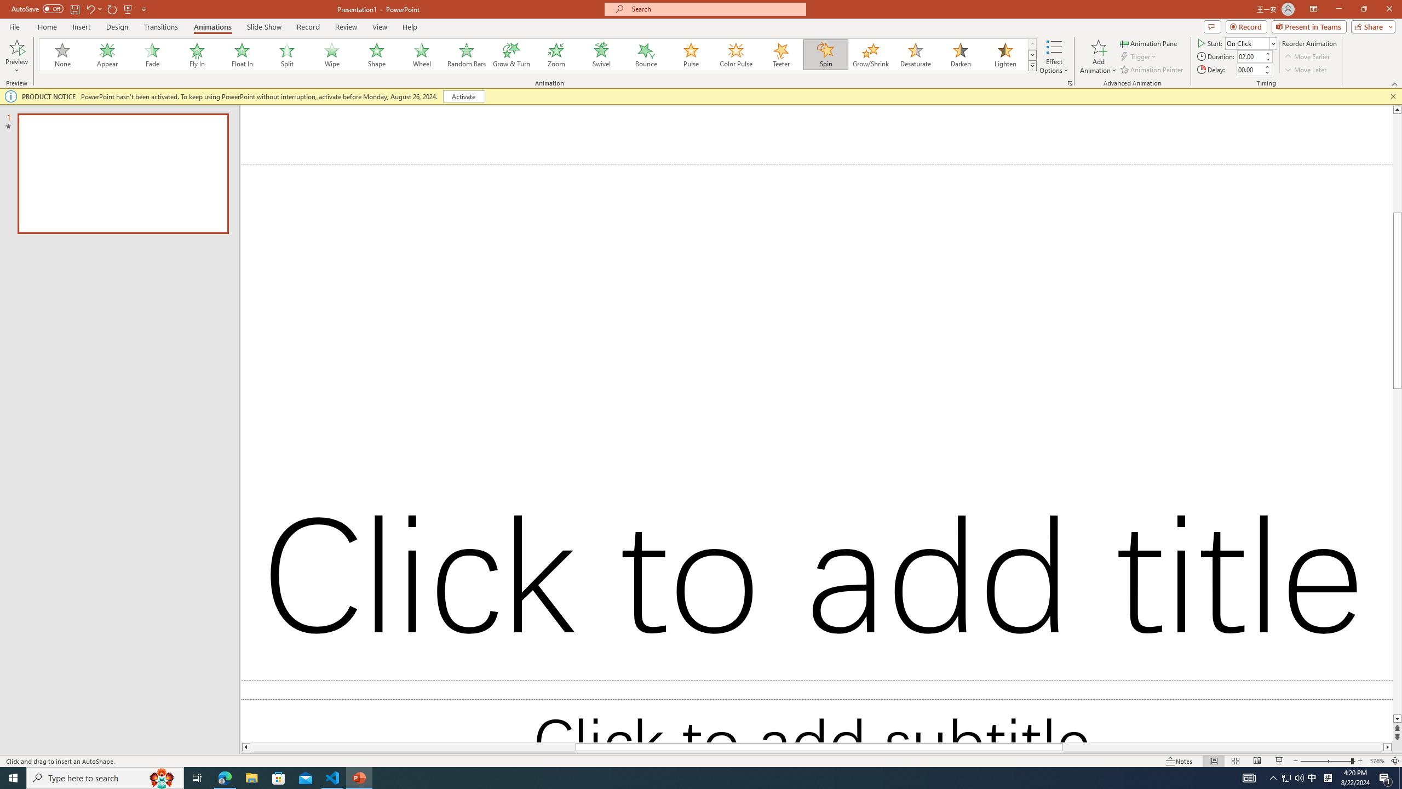 The width and height of the screenshot is (1402, 789). I want to click on 'Swivel', so click(601, 54).